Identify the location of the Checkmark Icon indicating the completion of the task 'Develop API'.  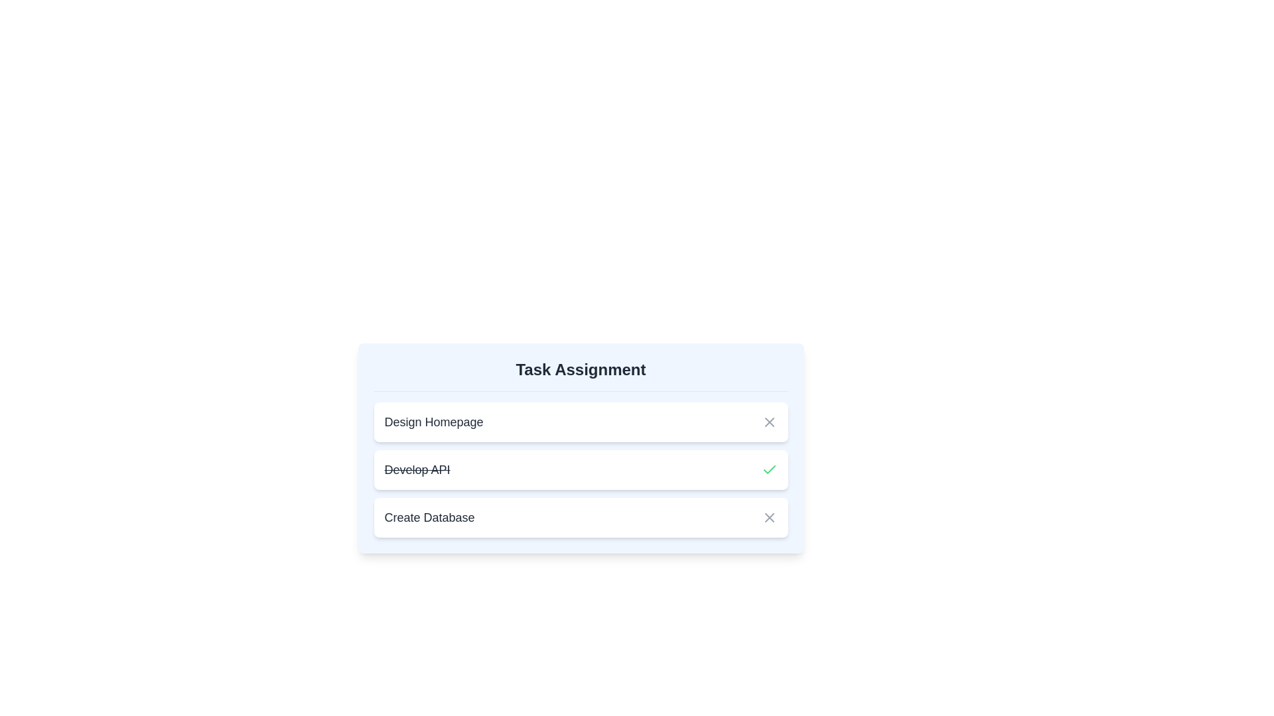
(769, 469).